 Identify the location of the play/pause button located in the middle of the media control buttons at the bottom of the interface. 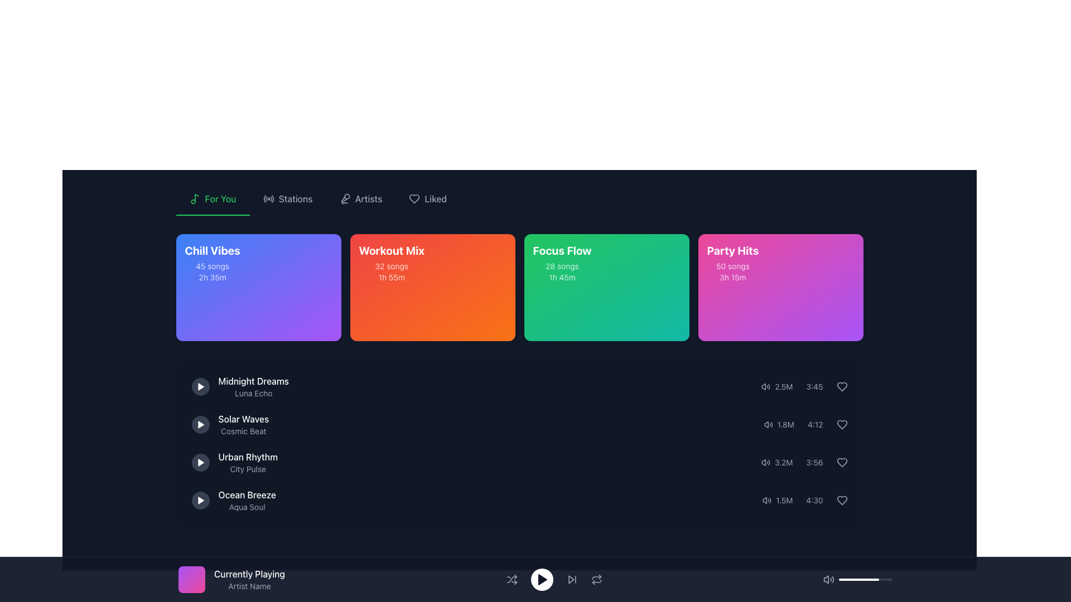
(554, 579).